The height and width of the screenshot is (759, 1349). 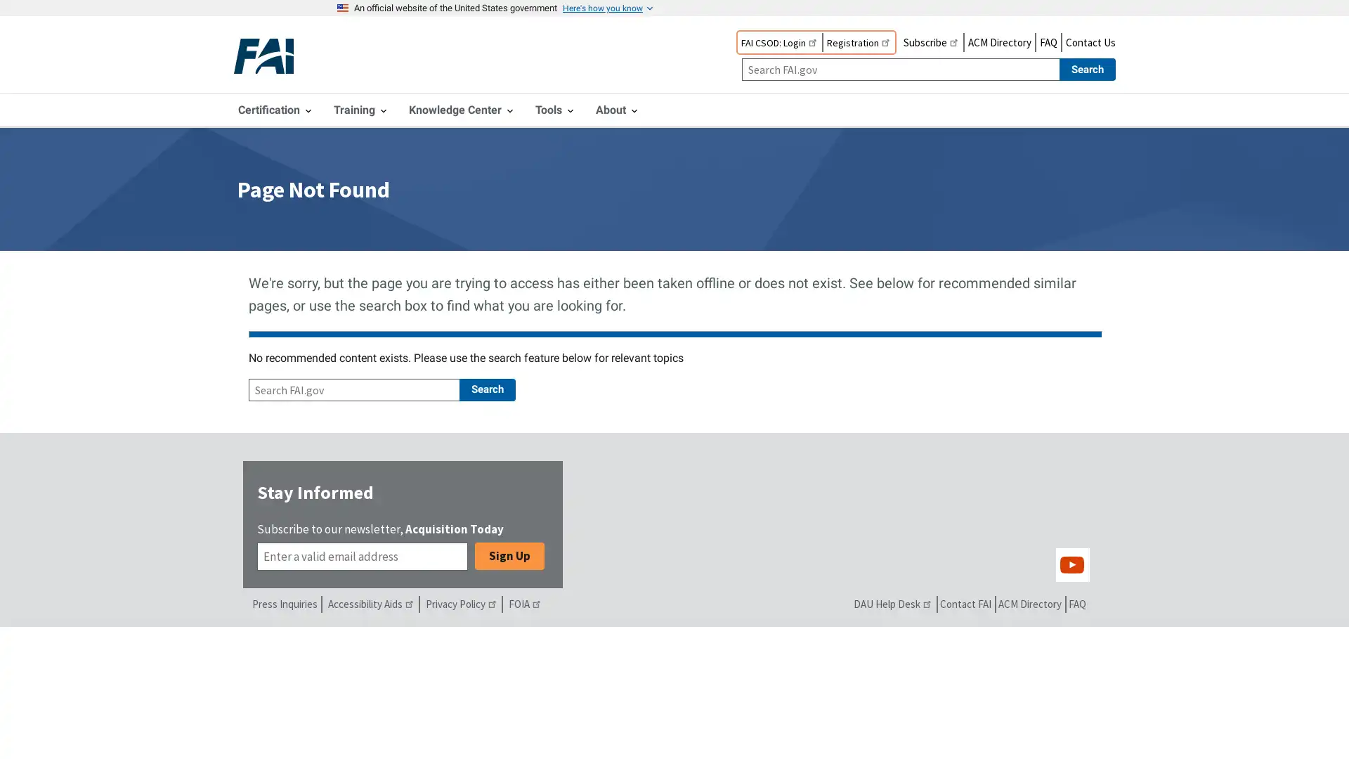 What do you see at coordinates (486, 389) in the screenshot?
I see `Search` at bounding box center [486, 389].